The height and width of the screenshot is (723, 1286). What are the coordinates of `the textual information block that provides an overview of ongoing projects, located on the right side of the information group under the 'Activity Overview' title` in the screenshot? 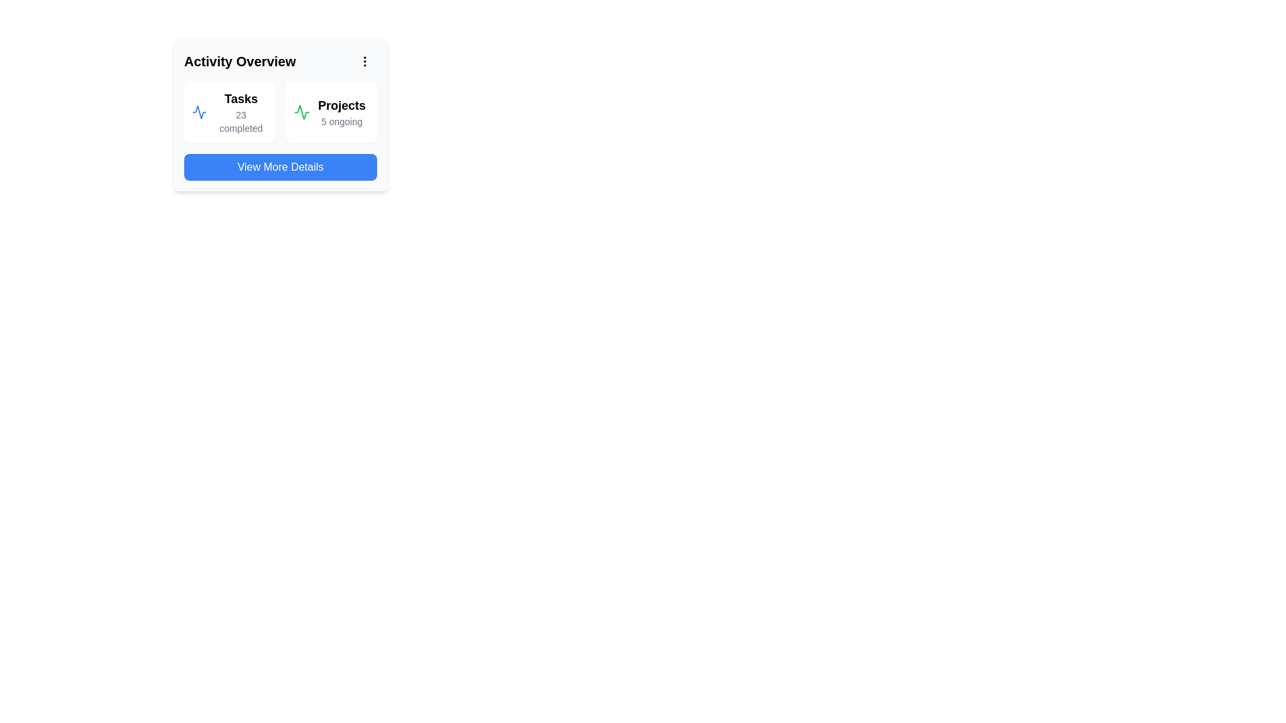 It's located at (342, 112).